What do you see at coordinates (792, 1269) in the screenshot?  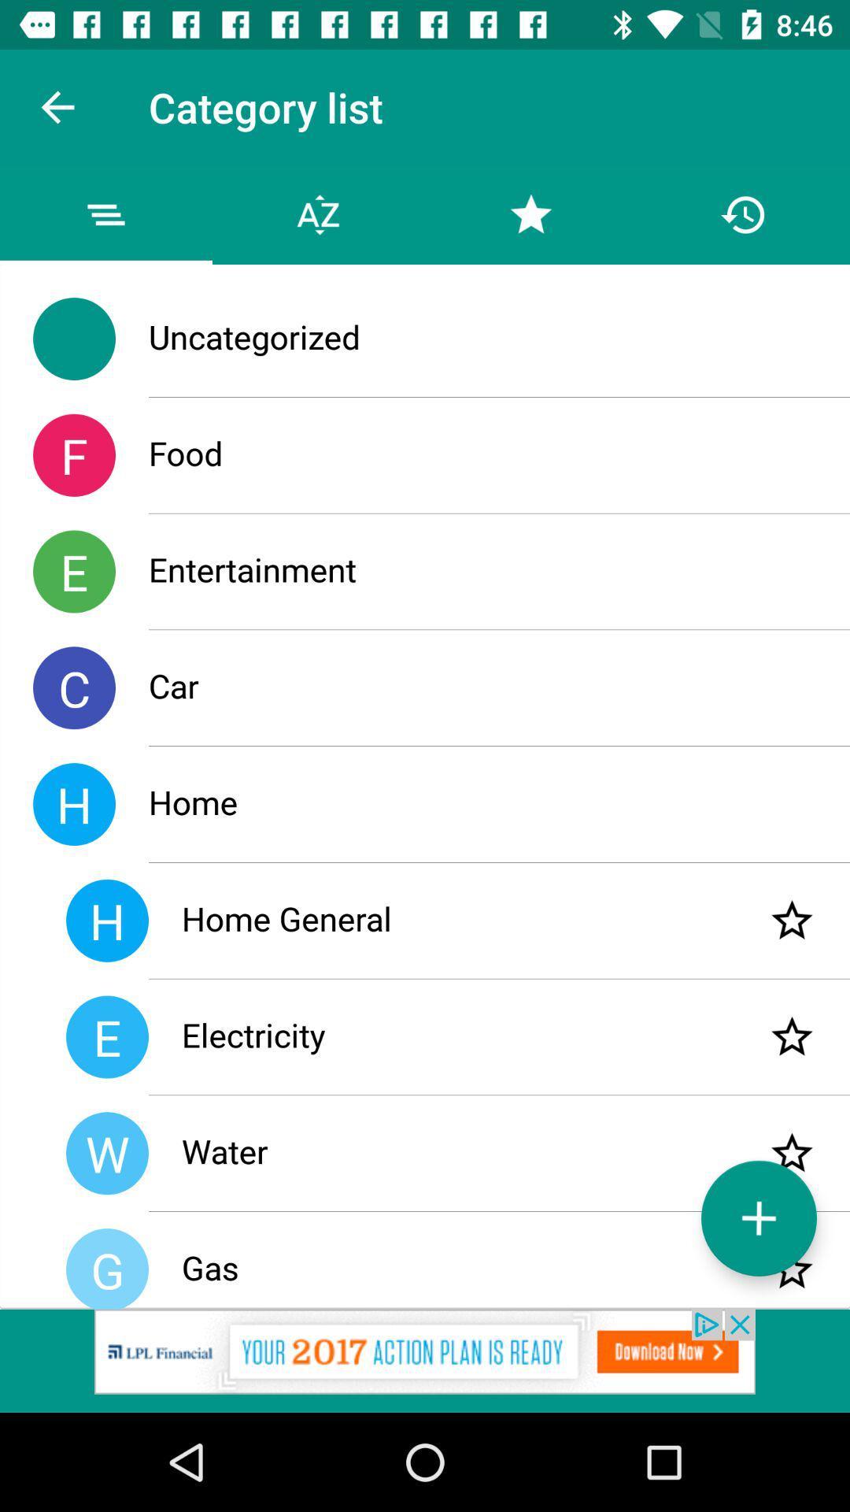 I see `mark as favorite` at bounding box center [792, 1269].